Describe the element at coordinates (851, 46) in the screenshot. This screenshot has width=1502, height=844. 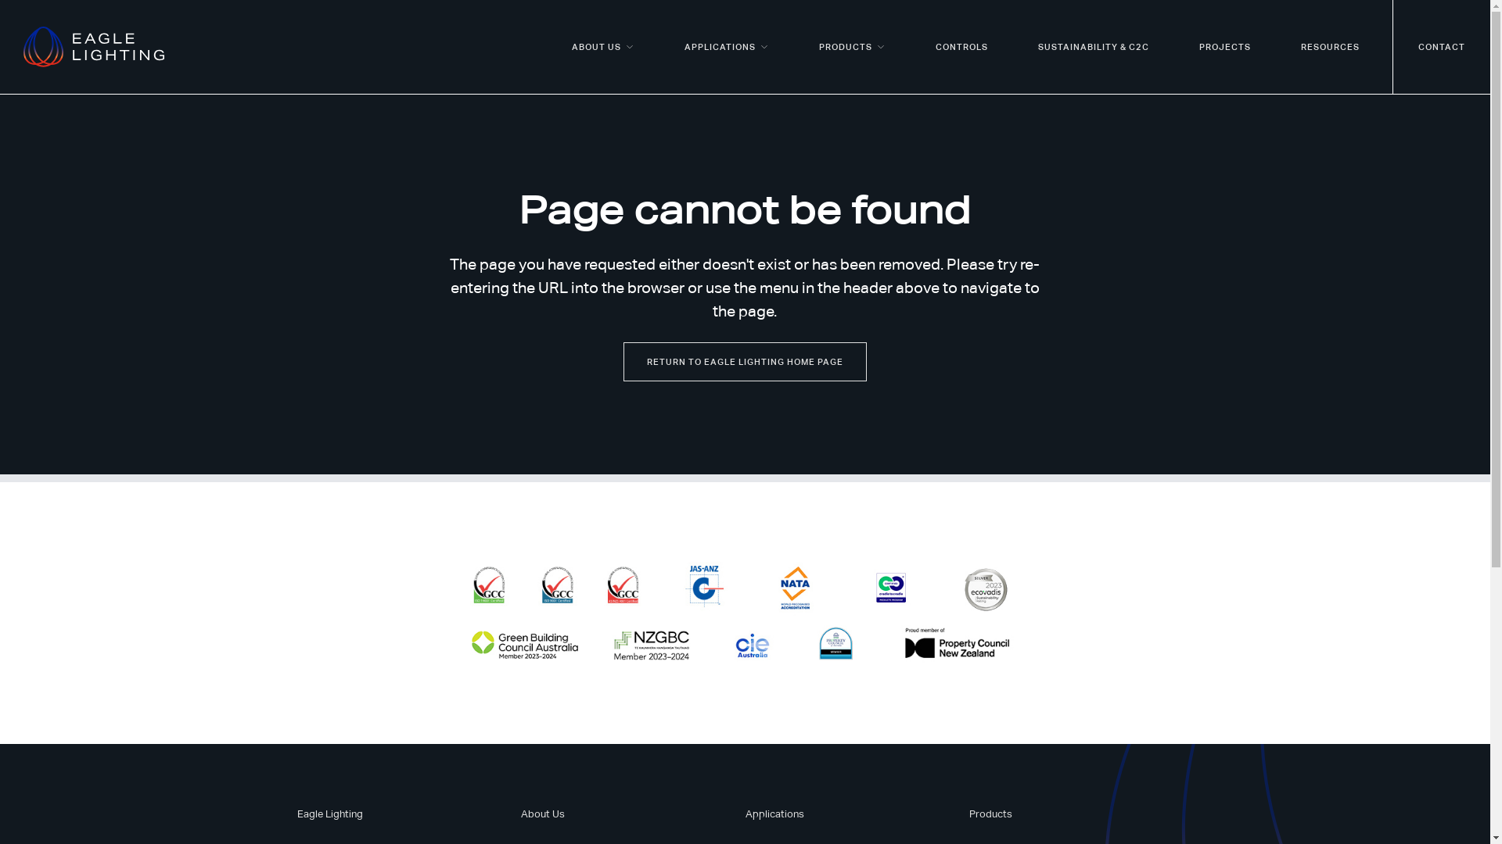
I see `'PRODUCTS'` at that location.